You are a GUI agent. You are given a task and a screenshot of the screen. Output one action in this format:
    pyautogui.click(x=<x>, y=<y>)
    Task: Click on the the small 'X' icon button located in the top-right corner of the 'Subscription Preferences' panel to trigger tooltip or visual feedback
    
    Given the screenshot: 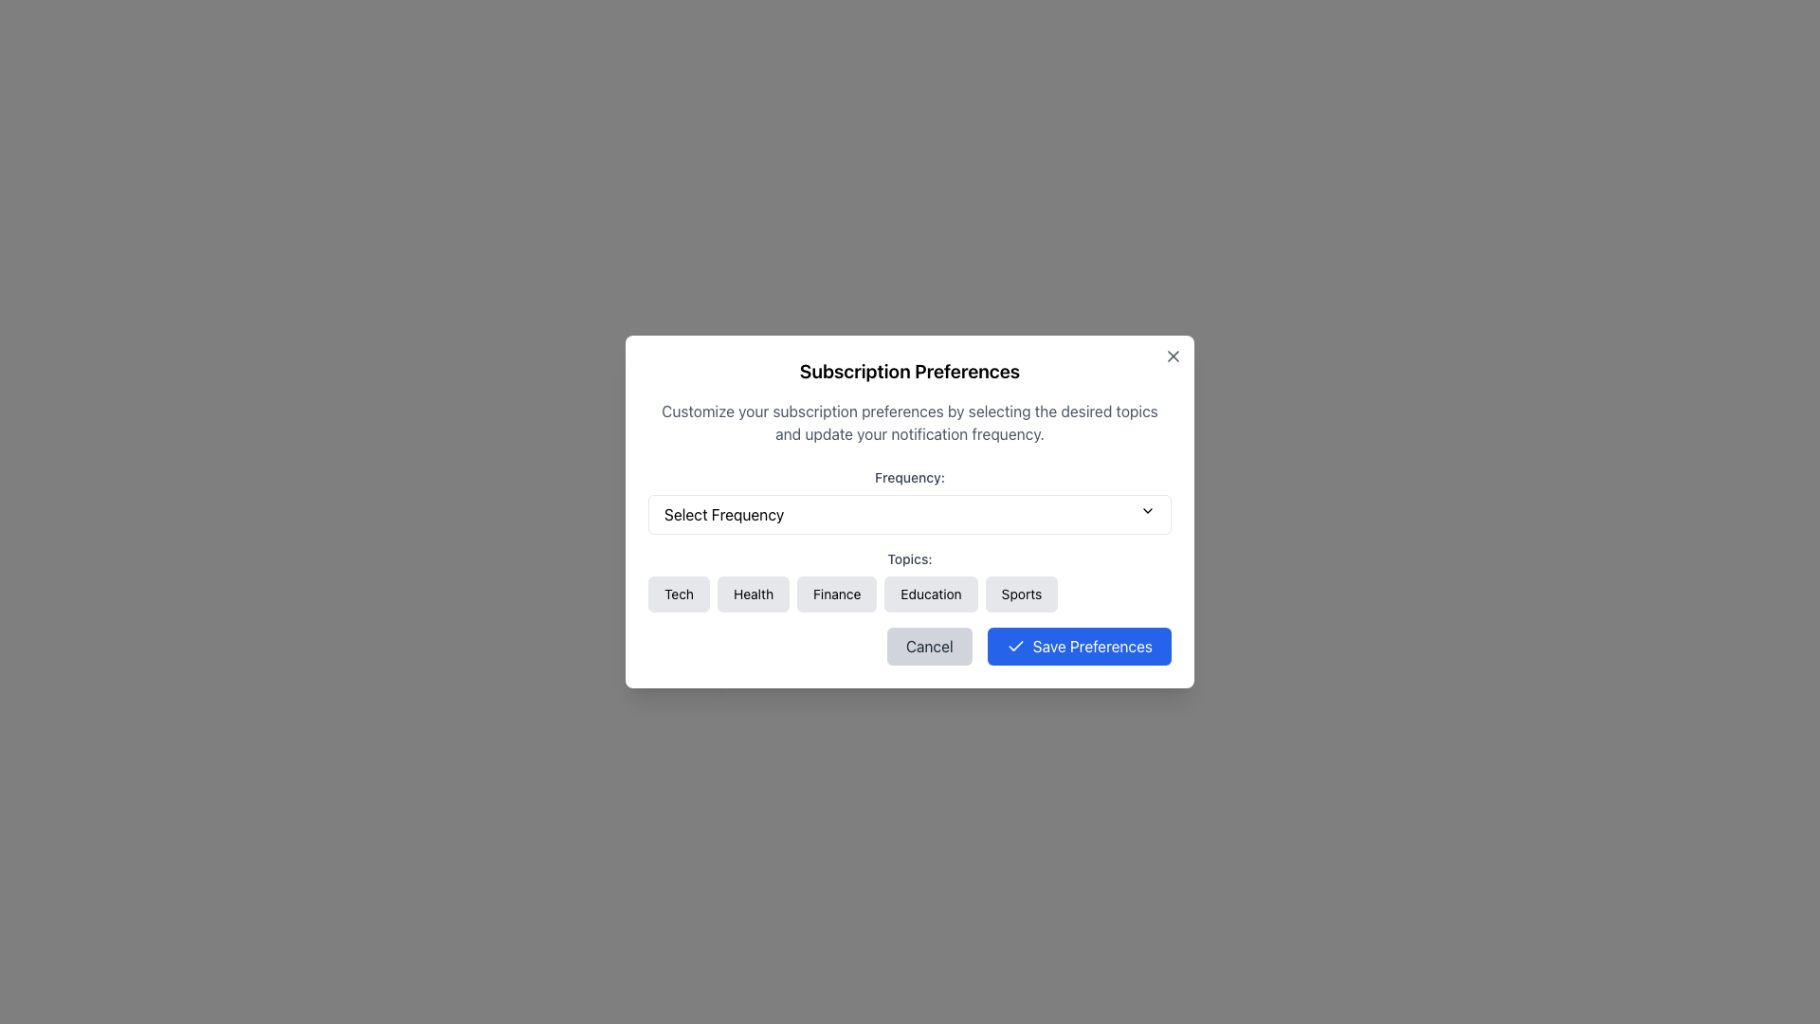 What is the action you would take?
    pyautogui.click(x=1173, y=356)
    